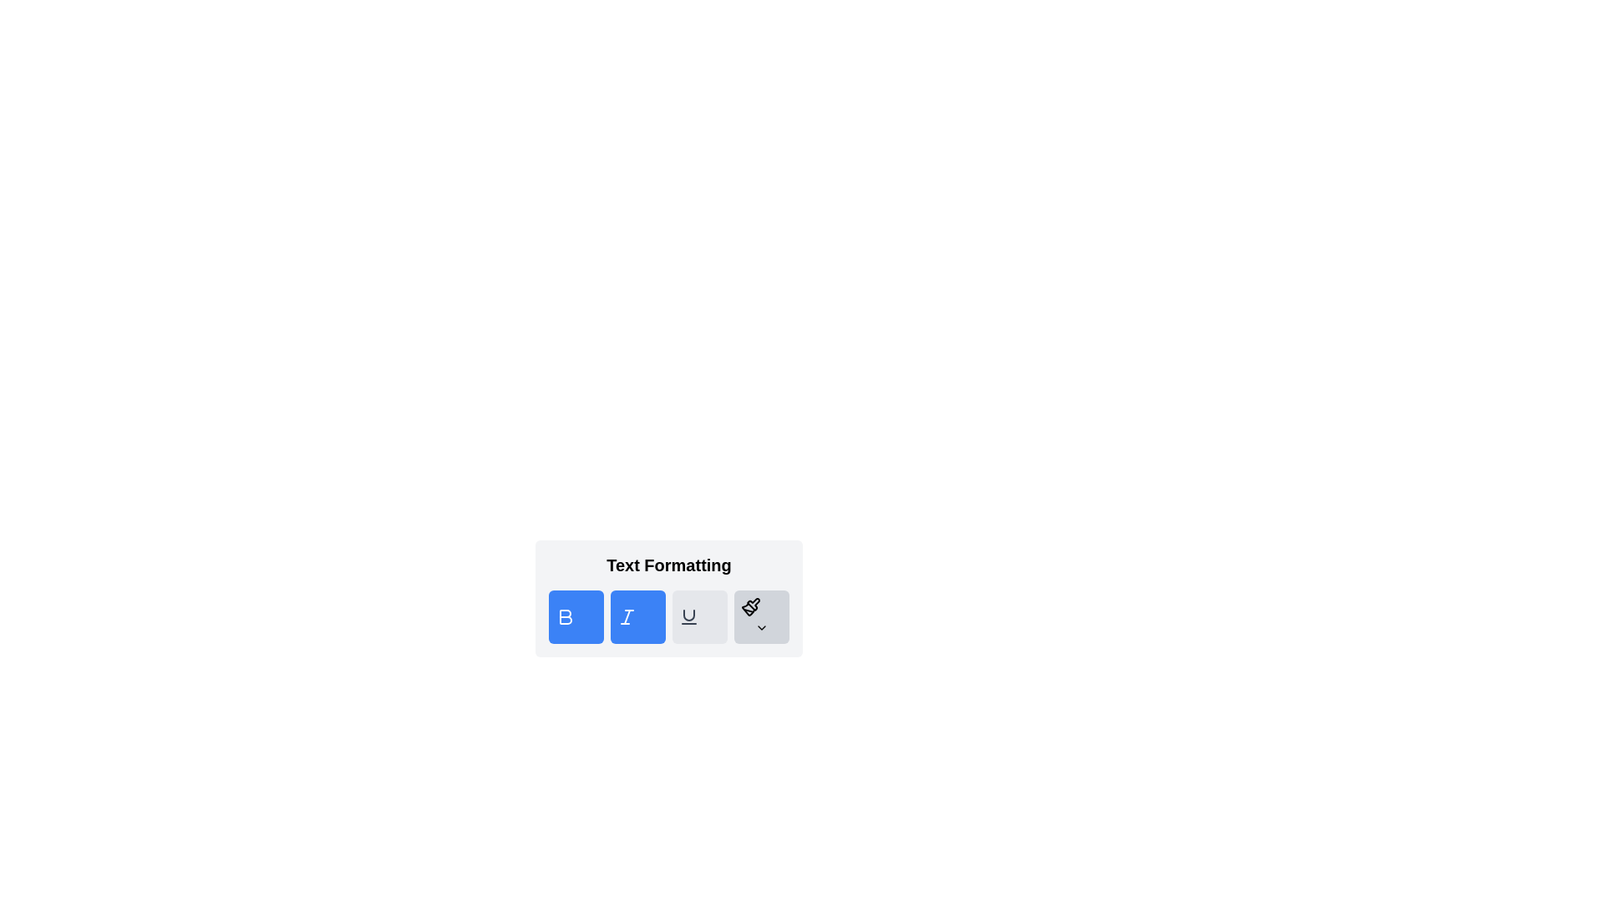  What do you see at coordinates (637, 617) in the screenshot?
I see `the blue button with a white italicized 'I' symbol, the second button in the formatting toolbar` at bounding box center [637, 617].